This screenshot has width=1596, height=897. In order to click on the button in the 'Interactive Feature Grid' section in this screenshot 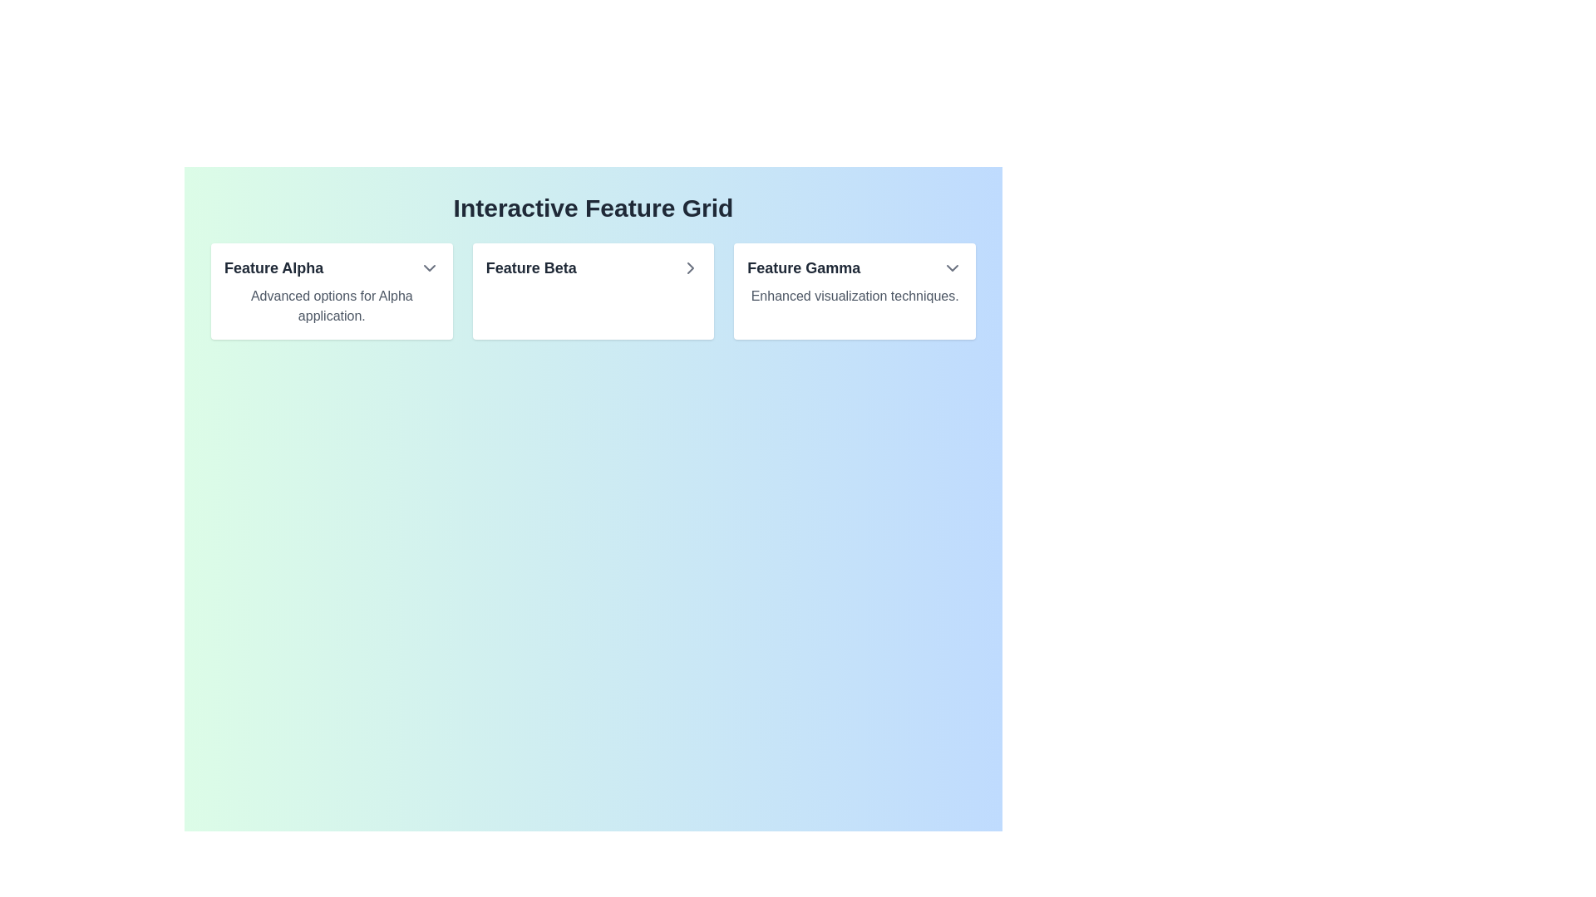, I will do `click(594, 291)`.